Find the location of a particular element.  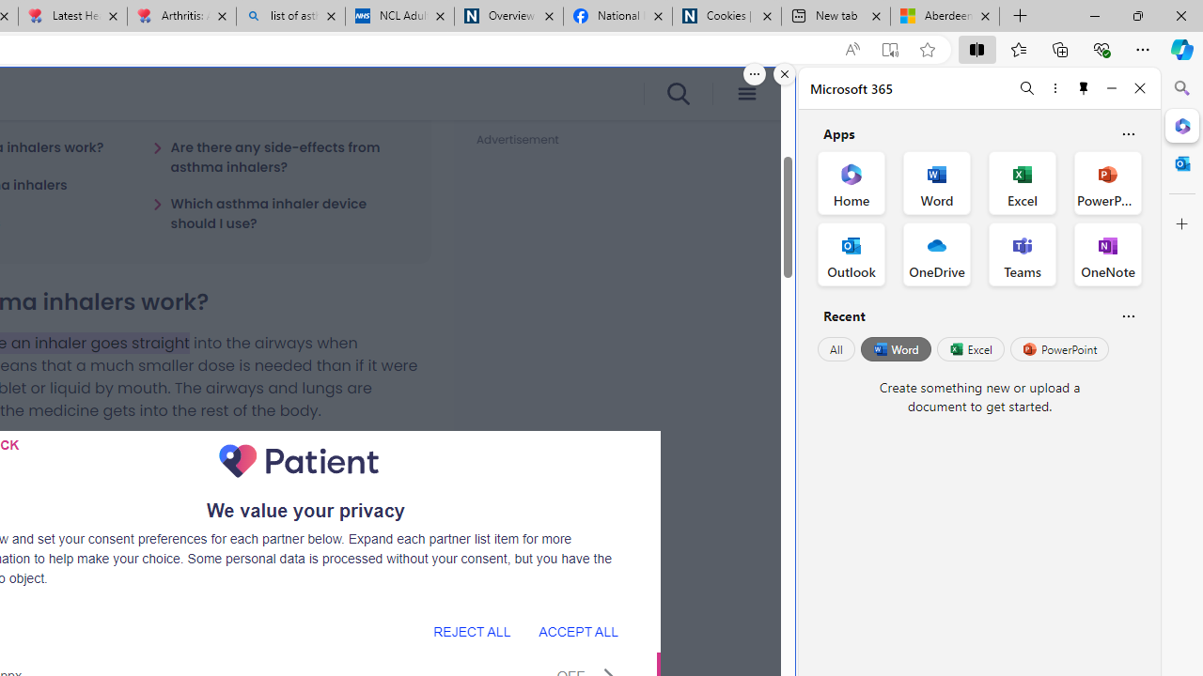

'ACCEPT ALL' is located at coordinates (577, 631).